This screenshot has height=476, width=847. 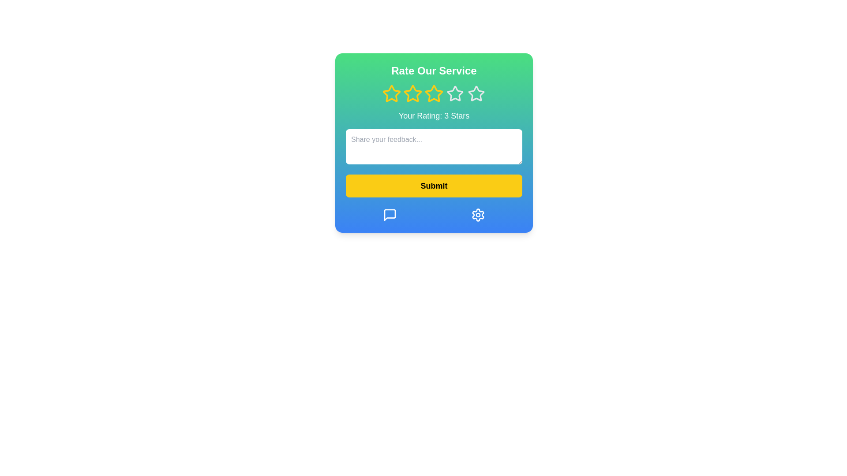 I want to click on the third rating star icon in the rating system, so click(x=412, y=93).